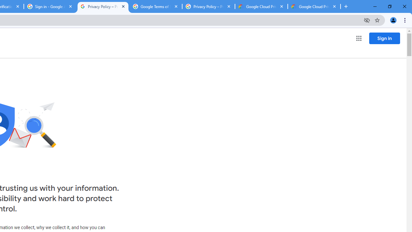 The height and width of the screenshot is (232, 412). Describe the element at coordinates (50, 6) in the screenshot. I see `'Sign in - Google Accounts'` at that location.